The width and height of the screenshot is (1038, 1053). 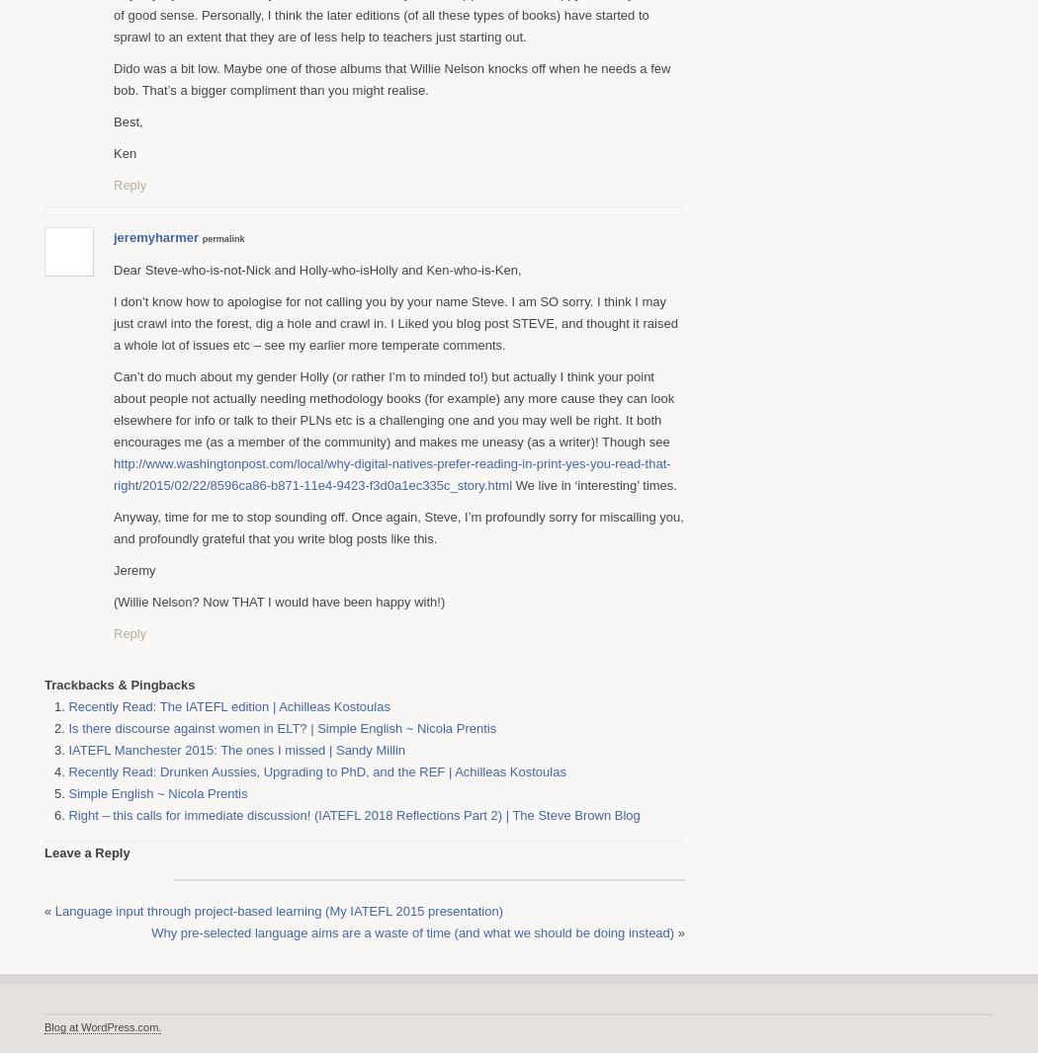 I want to click on 'Ken', so click(x=124, y=151).